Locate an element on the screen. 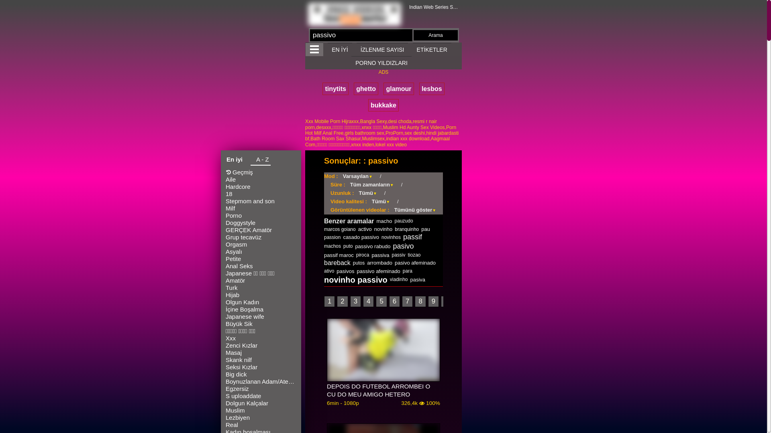 Image resolution: width=771 pixels, height=433 pixels. '10' is located at coordinates (448, 301).